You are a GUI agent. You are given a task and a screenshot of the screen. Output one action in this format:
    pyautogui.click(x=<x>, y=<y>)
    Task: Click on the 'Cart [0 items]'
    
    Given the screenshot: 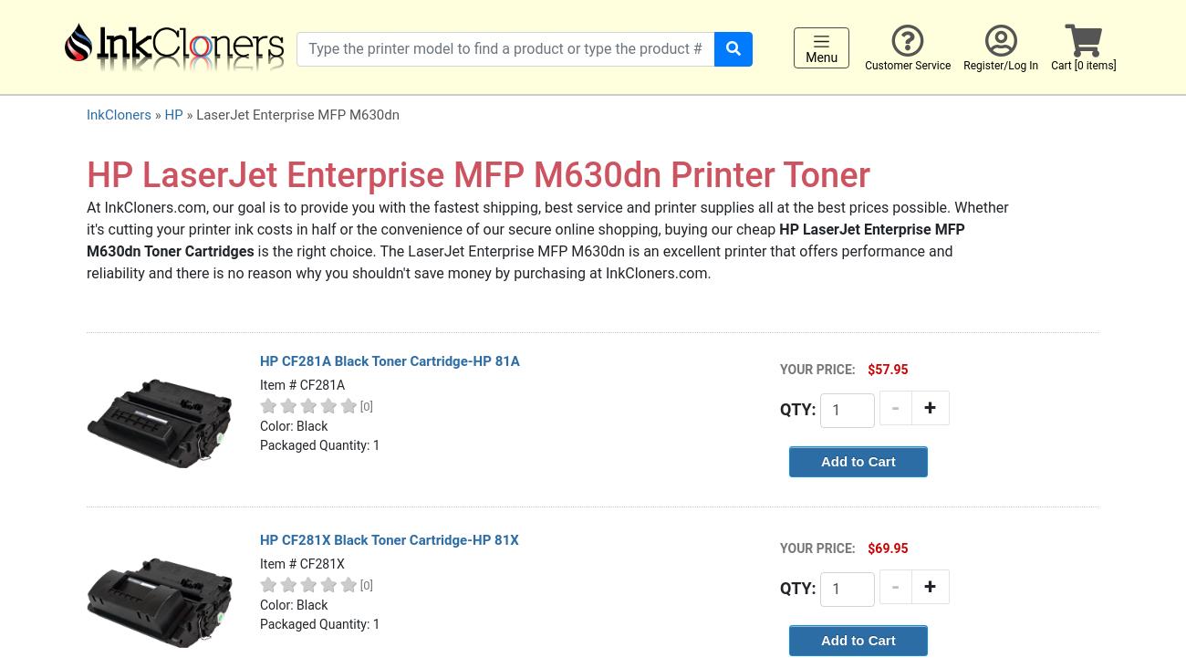 What is the action you would take?
    pyautogui.click(x=1083, y=65)
    